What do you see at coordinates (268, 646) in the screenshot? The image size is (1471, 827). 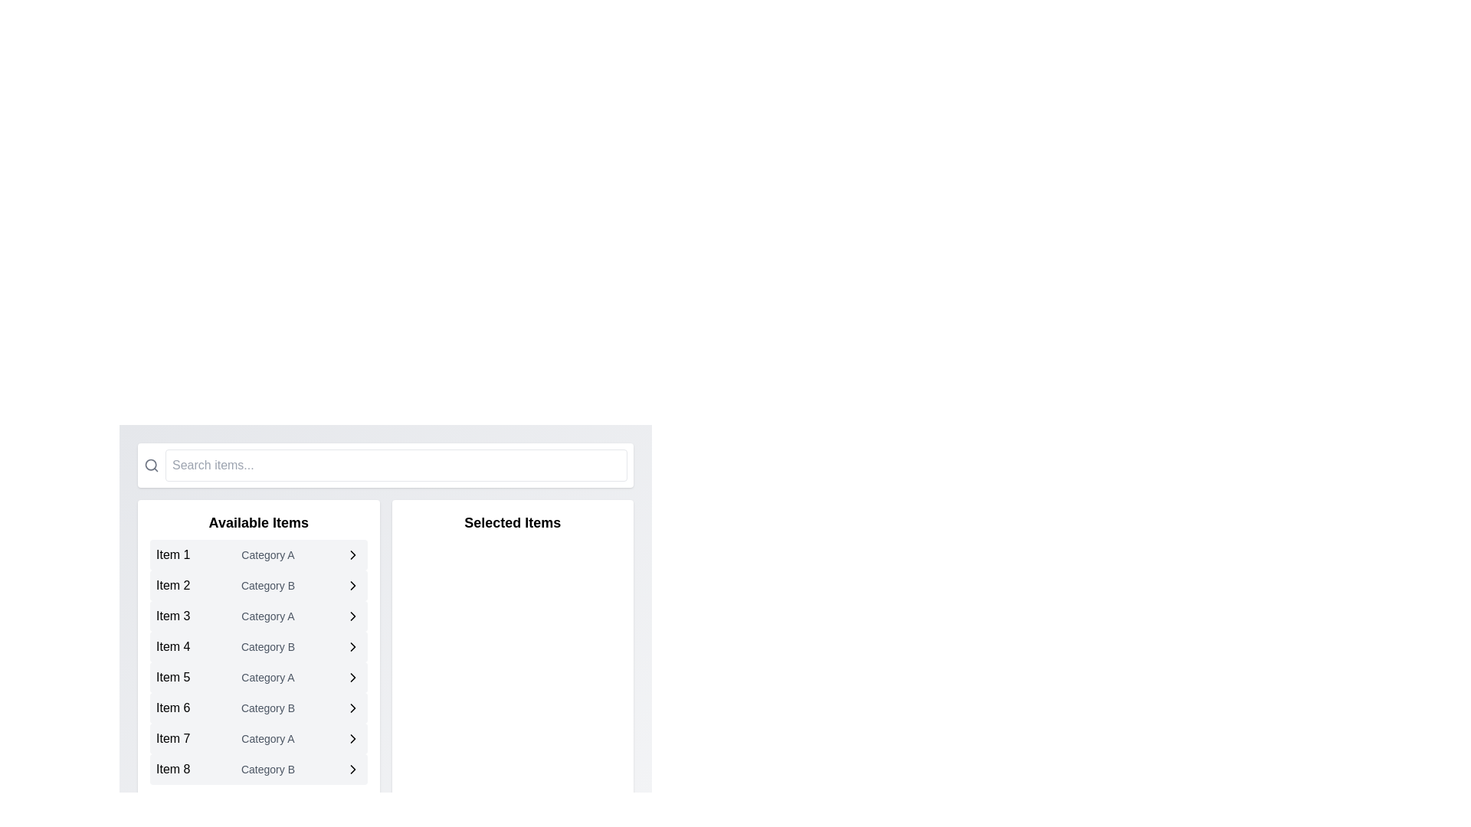 I see `the text label displaying 'Category B', which is part of the fourth item in the 'Available Items' section` at bounding box center [268, 646].